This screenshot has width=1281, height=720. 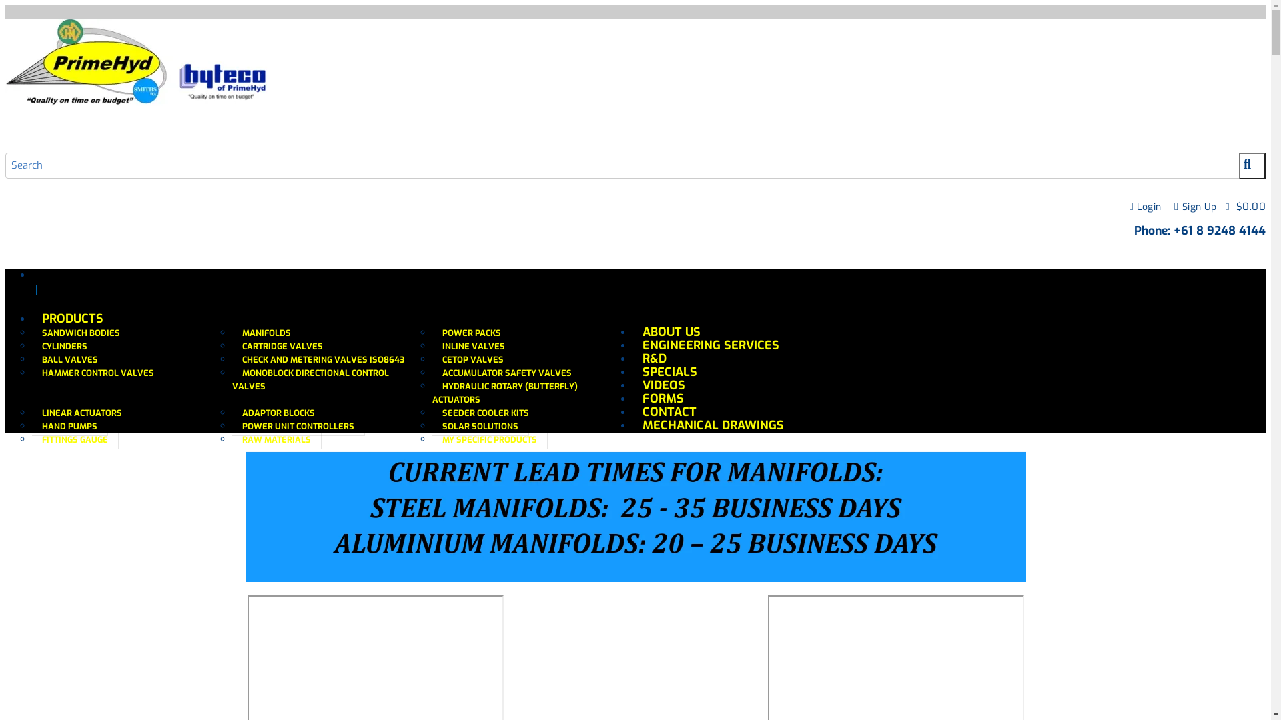 I want to click on 'FORMS', so click(x=632, y=397).